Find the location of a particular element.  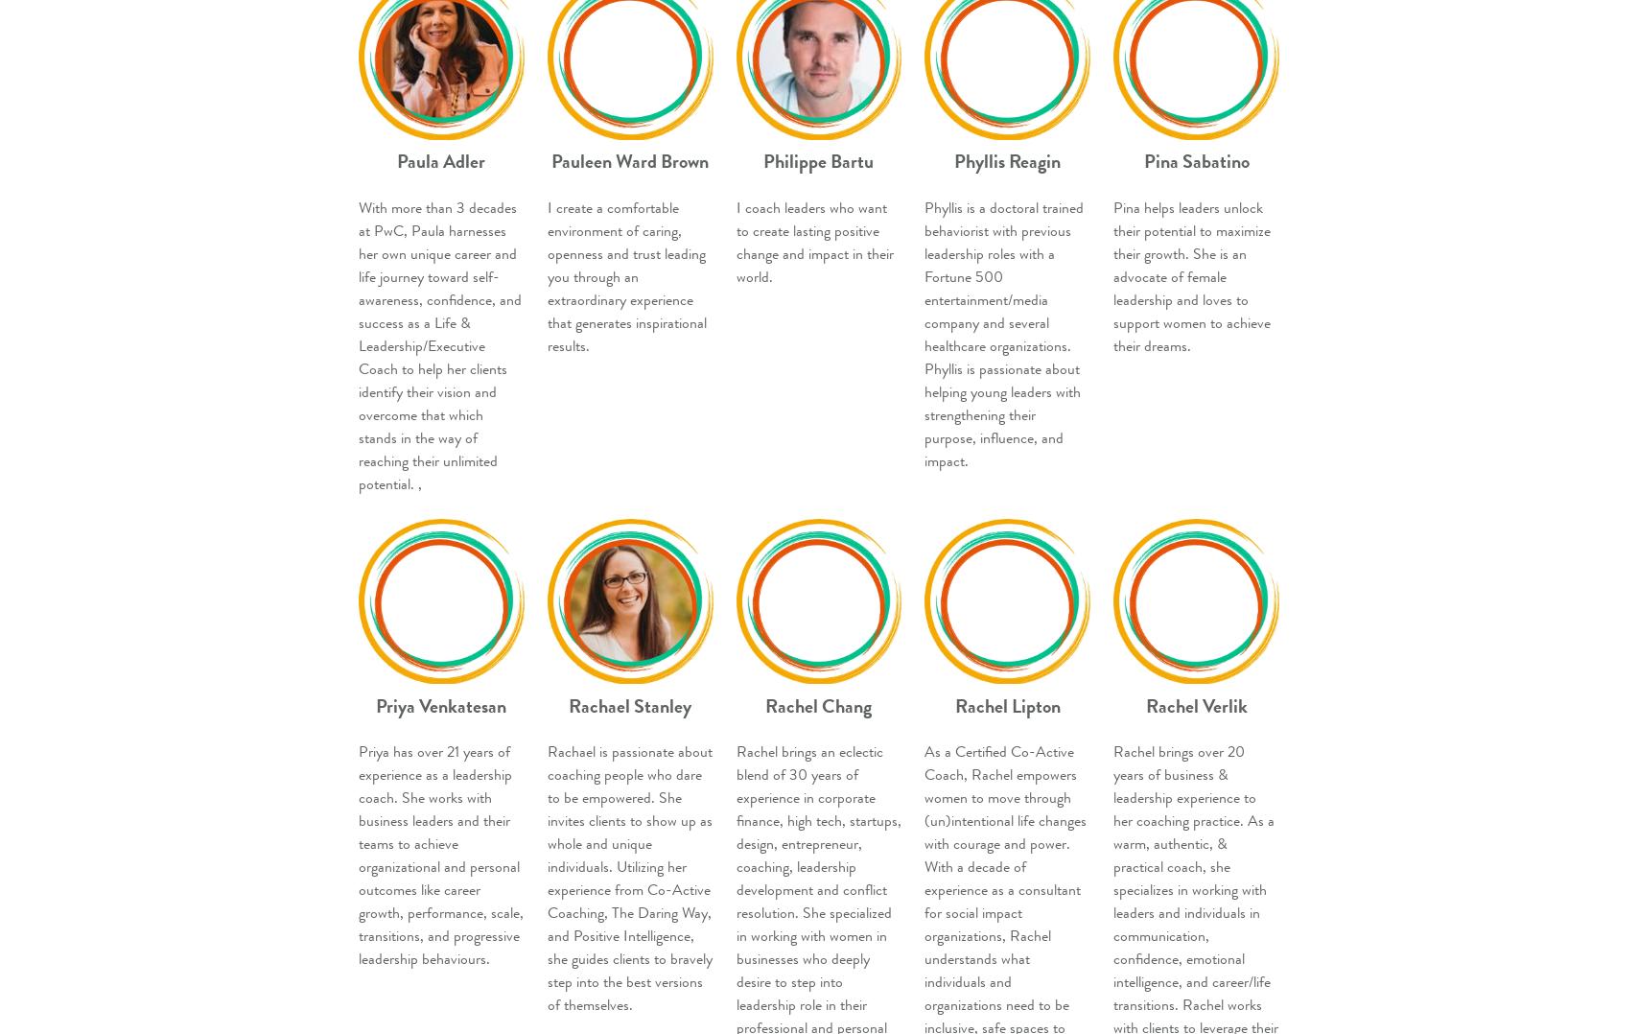

'I coach leaders who want to create lasting positive change and impact in their world.' is located at coordinates (814, 241).